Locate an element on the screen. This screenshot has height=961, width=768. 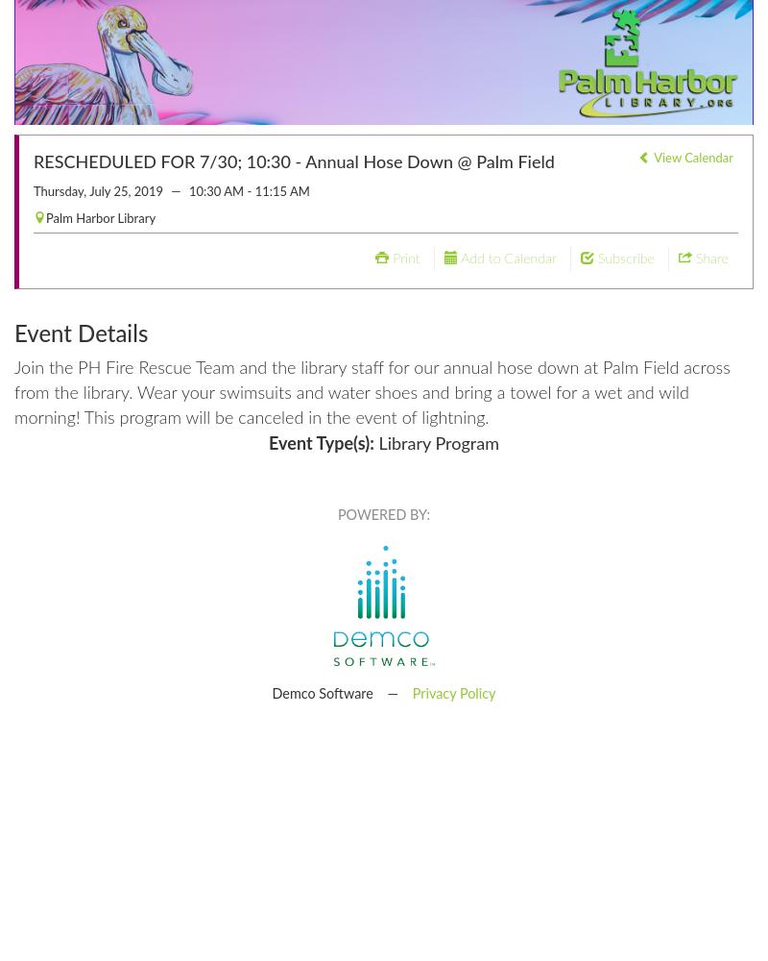
'RESCHEDULED FOR 7/30; 10:30 - Annual Hose Down @ Palm Field' is located at coordinates (293, 163).